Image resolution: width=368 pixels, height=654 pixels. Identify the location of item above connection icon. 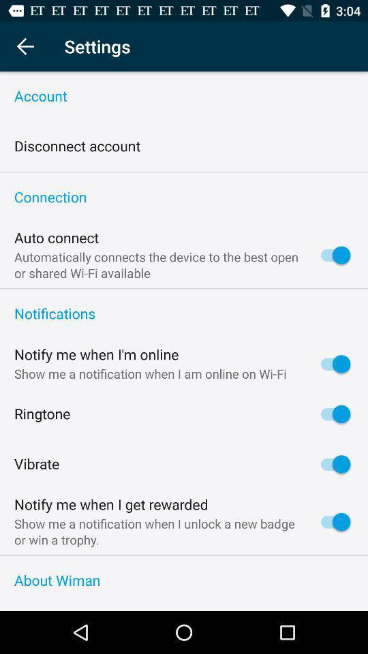
(184, 171).